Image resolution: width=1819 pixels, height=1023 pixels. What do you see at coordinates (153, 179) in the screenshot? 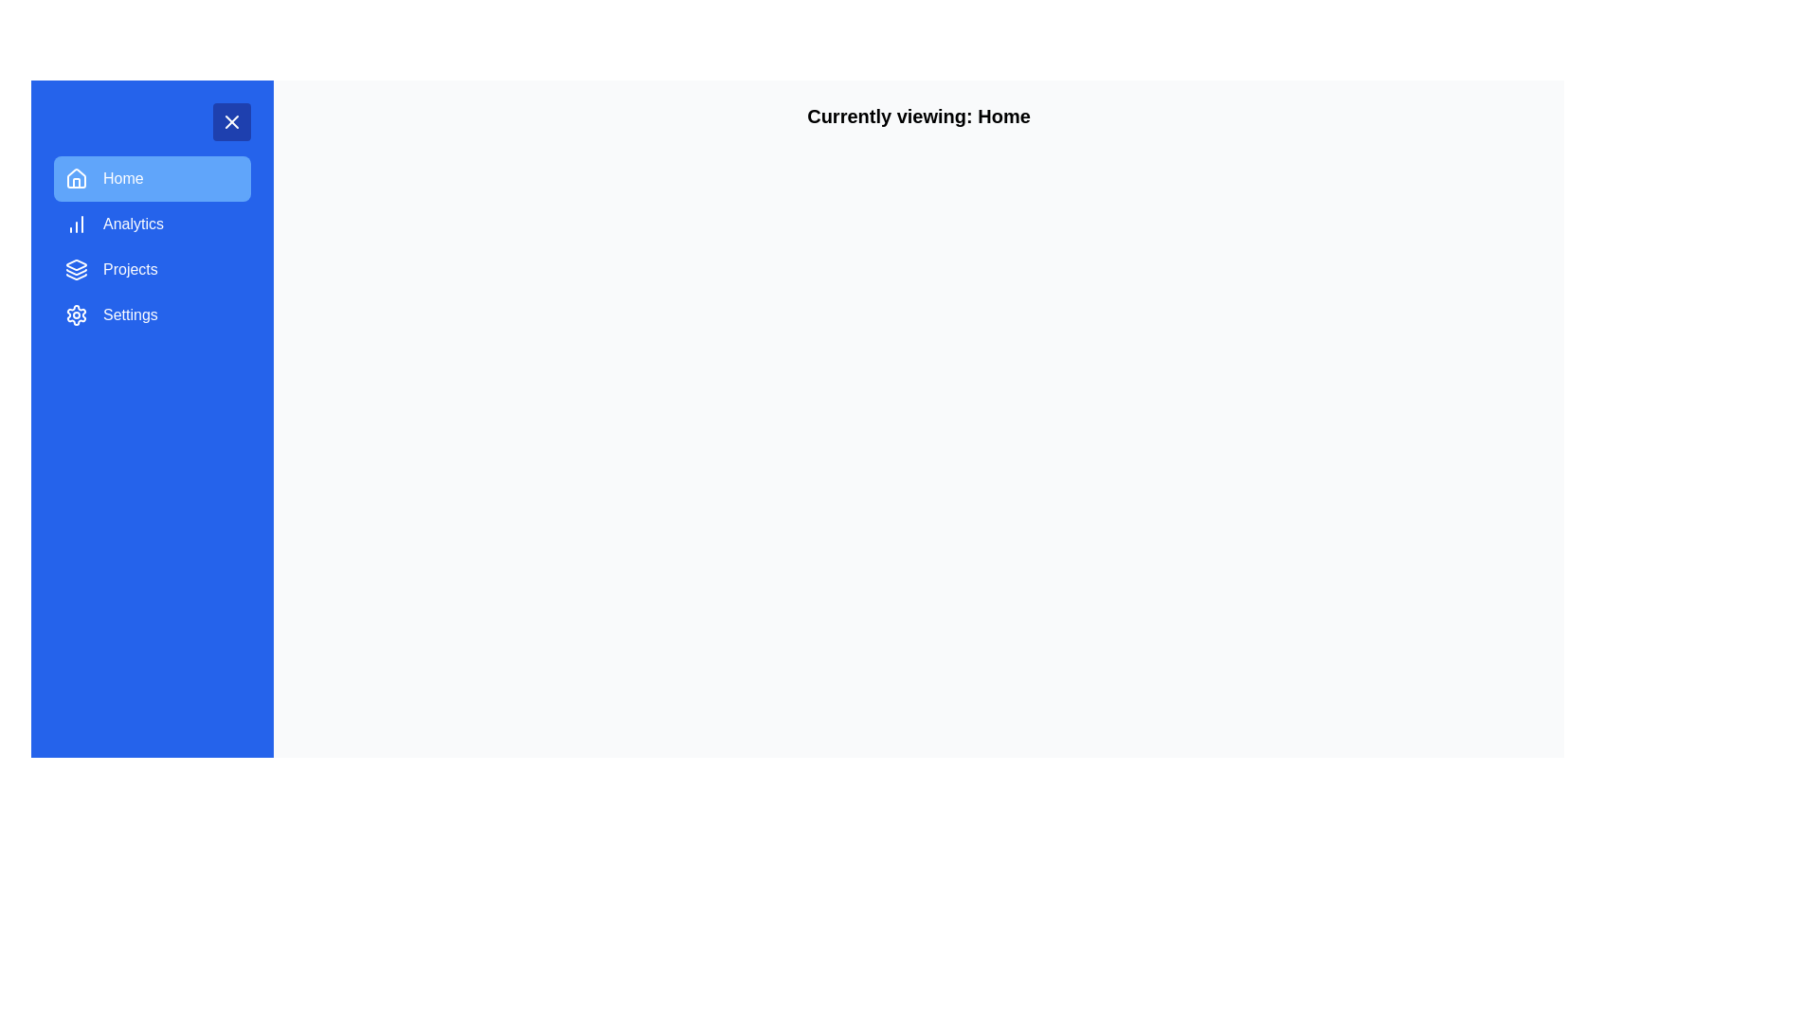
I see `the 'Home' navigation button located in the left sidebar, which is the first button in a vertical list above 'Analytics', 'Projects', and 'Settings'` at bounding box center [153, 179].